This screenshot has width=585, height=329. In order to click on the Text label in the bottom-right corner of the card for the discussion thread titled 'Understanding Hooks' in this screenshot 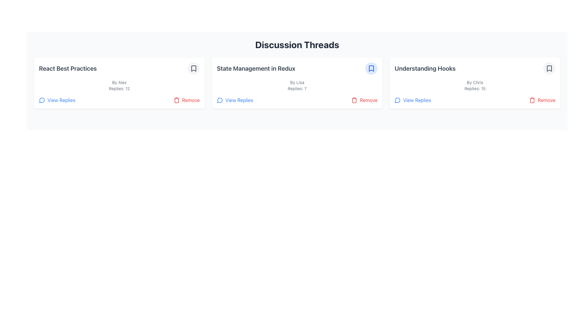, I will do `click(547, 100)`.